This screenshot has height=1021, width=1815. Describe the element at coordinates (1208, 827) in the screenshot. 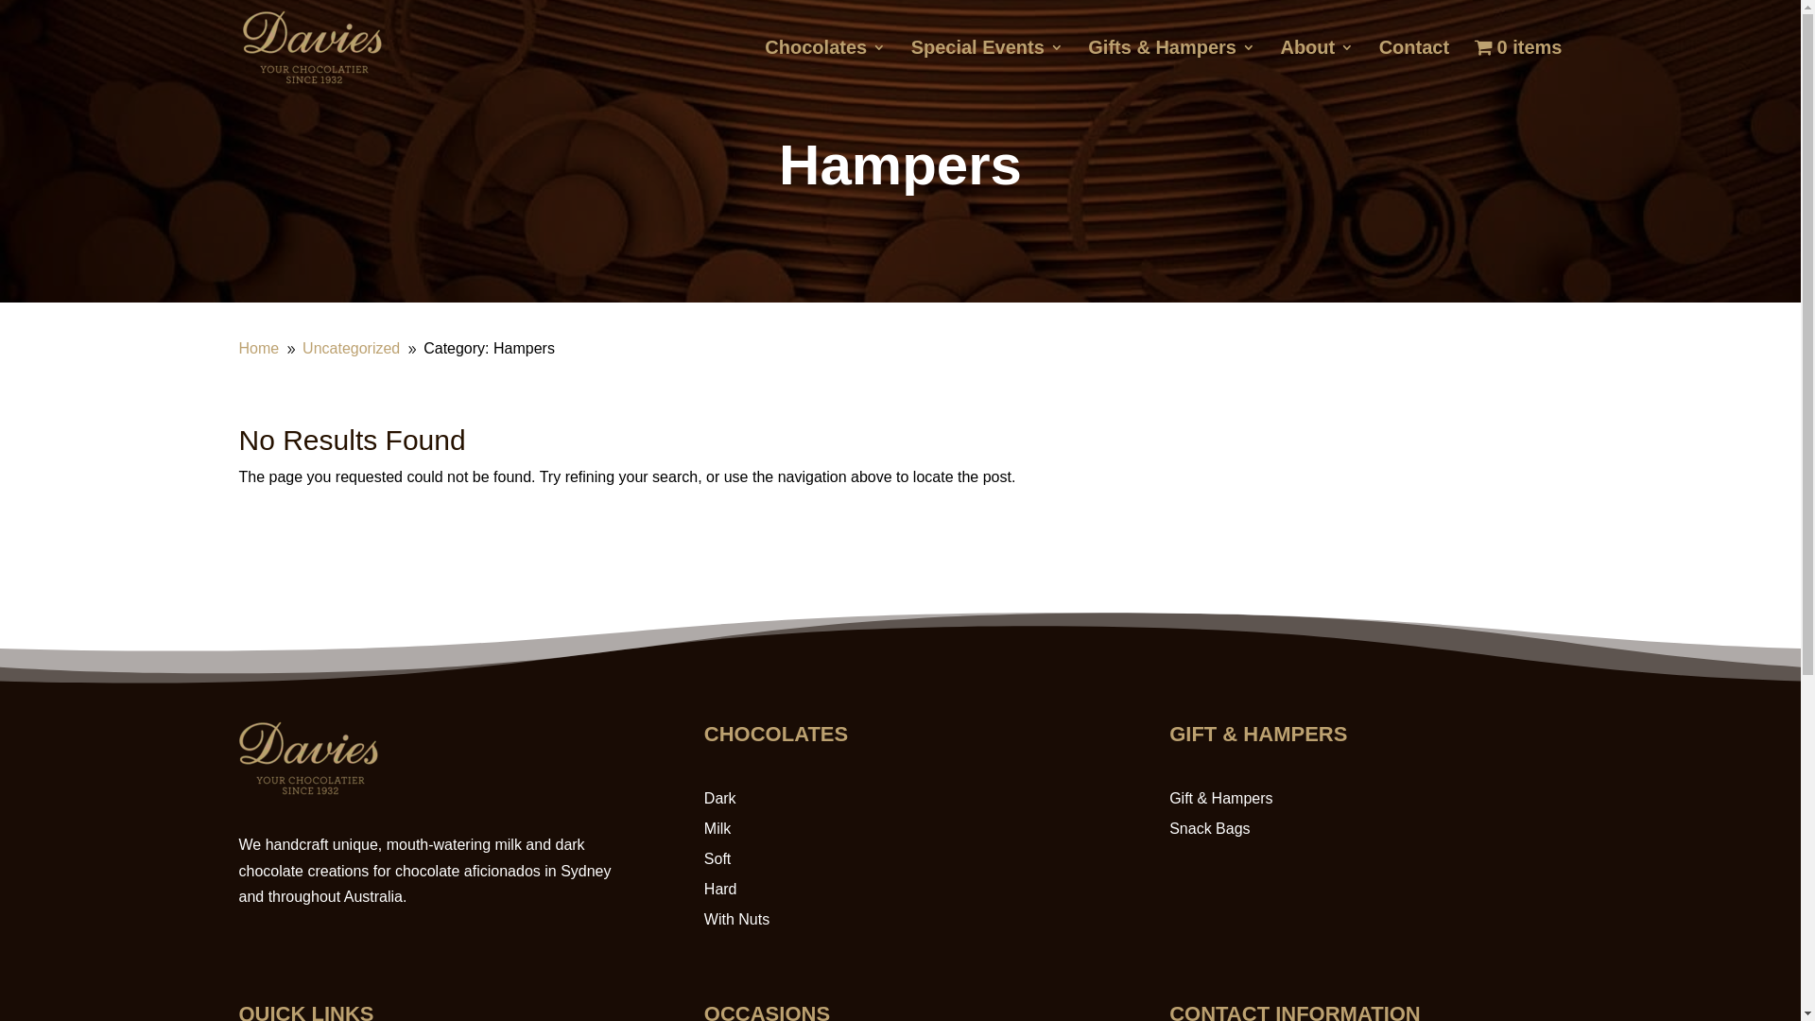

I see `'Snack Bags'` at that location.